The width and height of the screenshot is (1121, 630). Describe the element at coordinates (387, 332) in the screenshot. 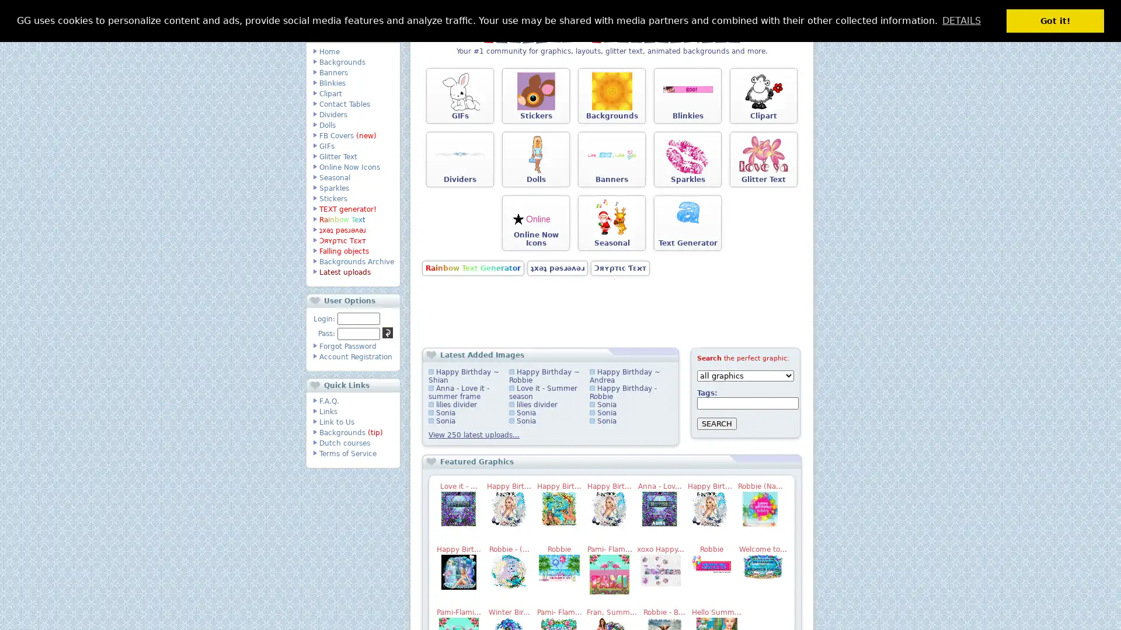

I see `Submit` at that location.